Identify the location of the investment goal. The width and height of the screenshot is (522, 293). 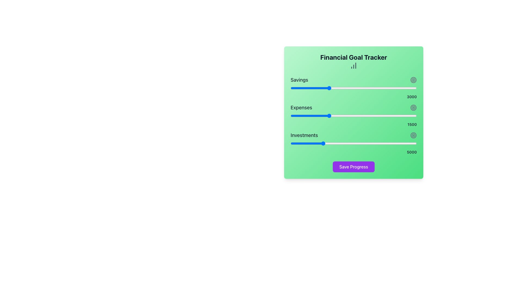
(358, 143).